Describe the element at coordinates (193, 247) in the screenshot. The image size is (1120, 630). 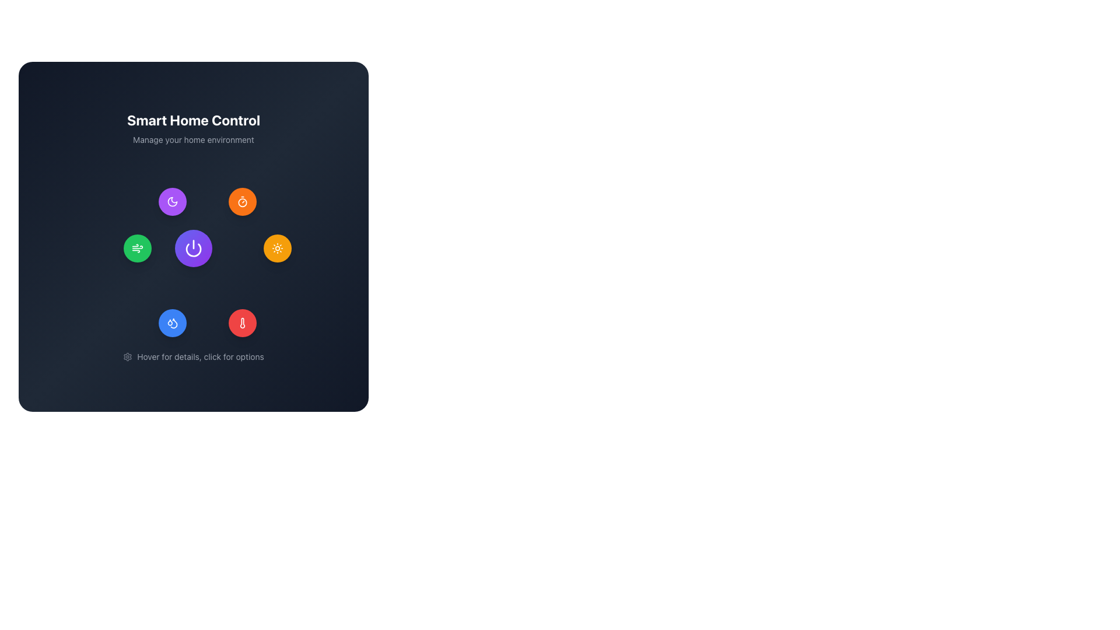
I see `the power symbol icon located within the circular purple button at the center of the button group` at that location.